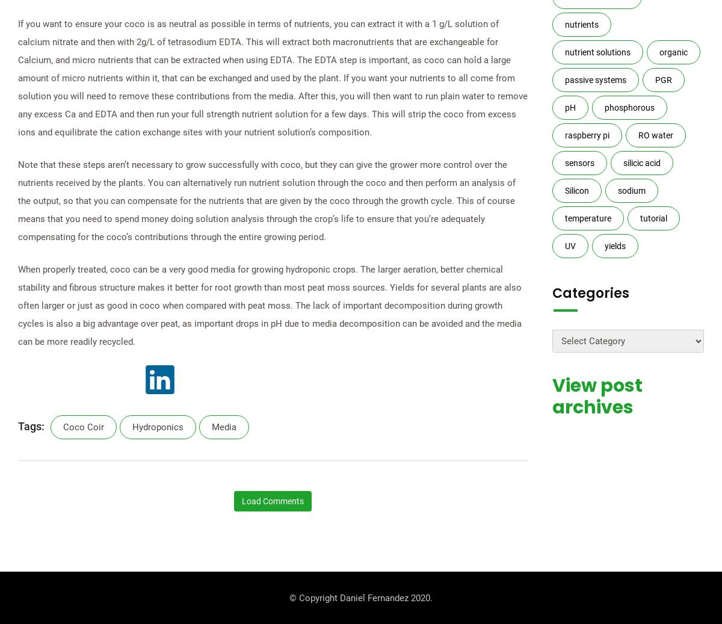  Describe the element at coordinates (597, 52) in the screenshot. I see `'nutrient solutions'` at that location.